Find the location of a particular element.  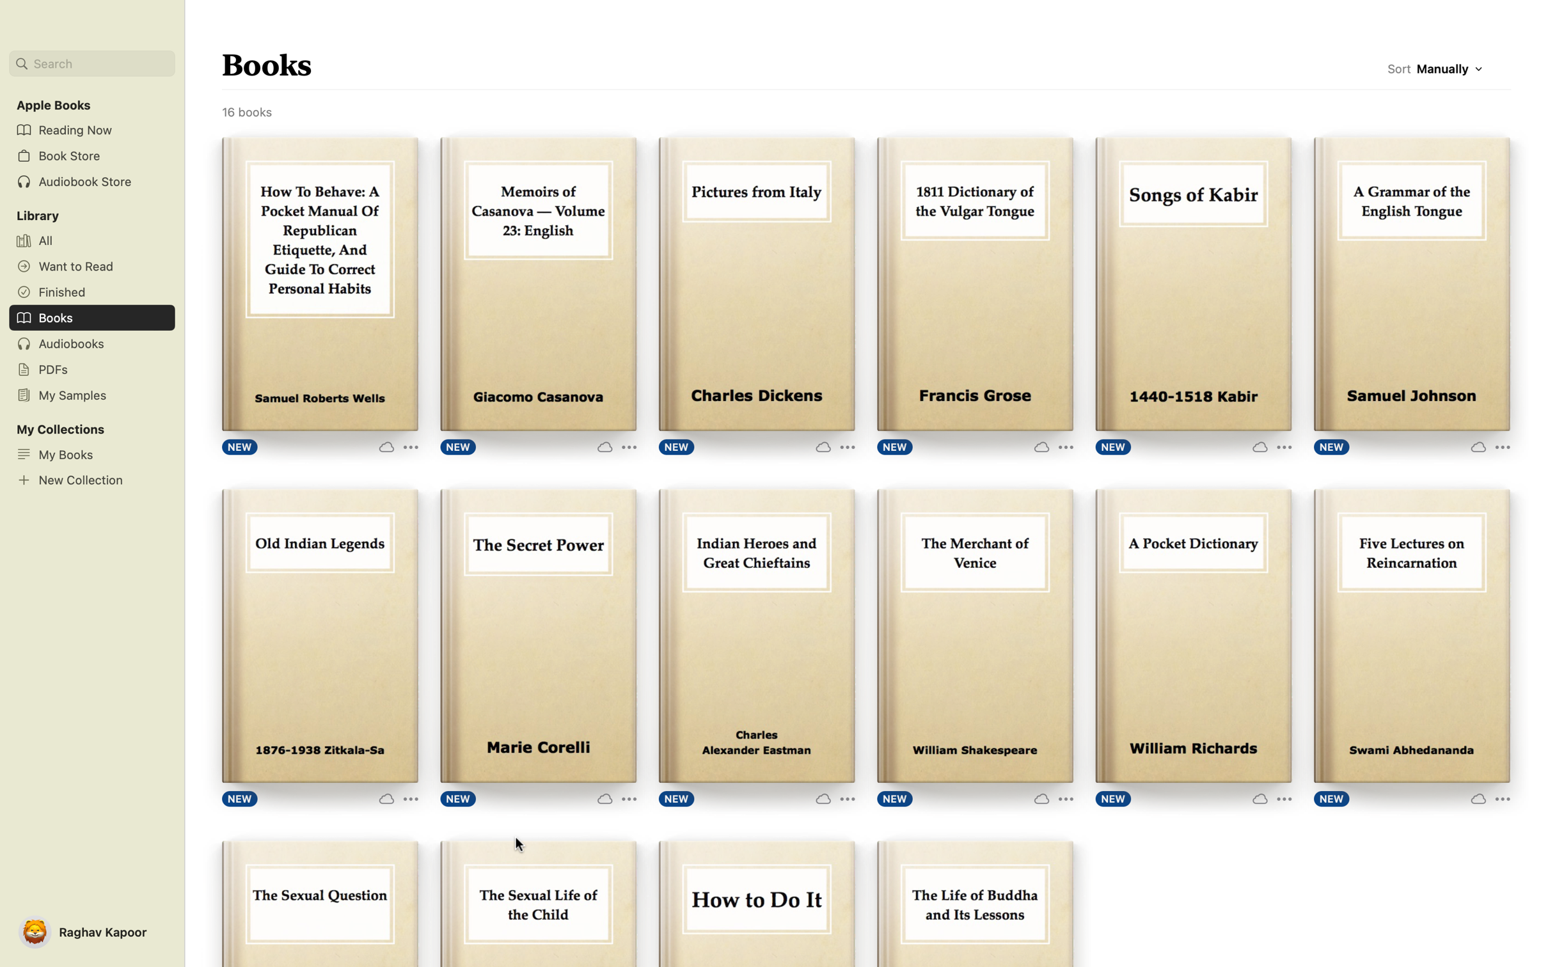

Get more details about the book "The Secret Power" by clicking the three dots is located at coordinates (616, 797).